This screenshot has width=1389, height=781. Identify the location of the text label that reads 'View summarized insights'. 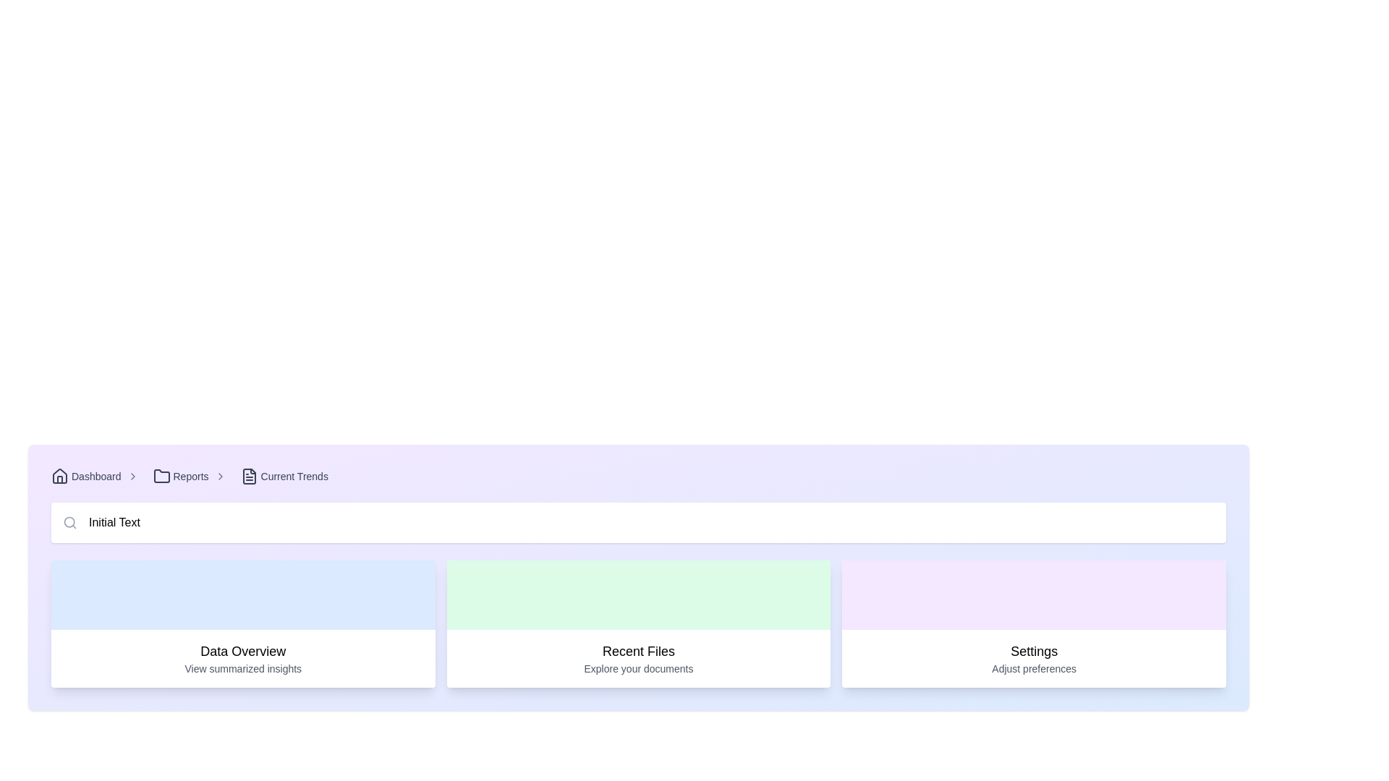
(243, 669).